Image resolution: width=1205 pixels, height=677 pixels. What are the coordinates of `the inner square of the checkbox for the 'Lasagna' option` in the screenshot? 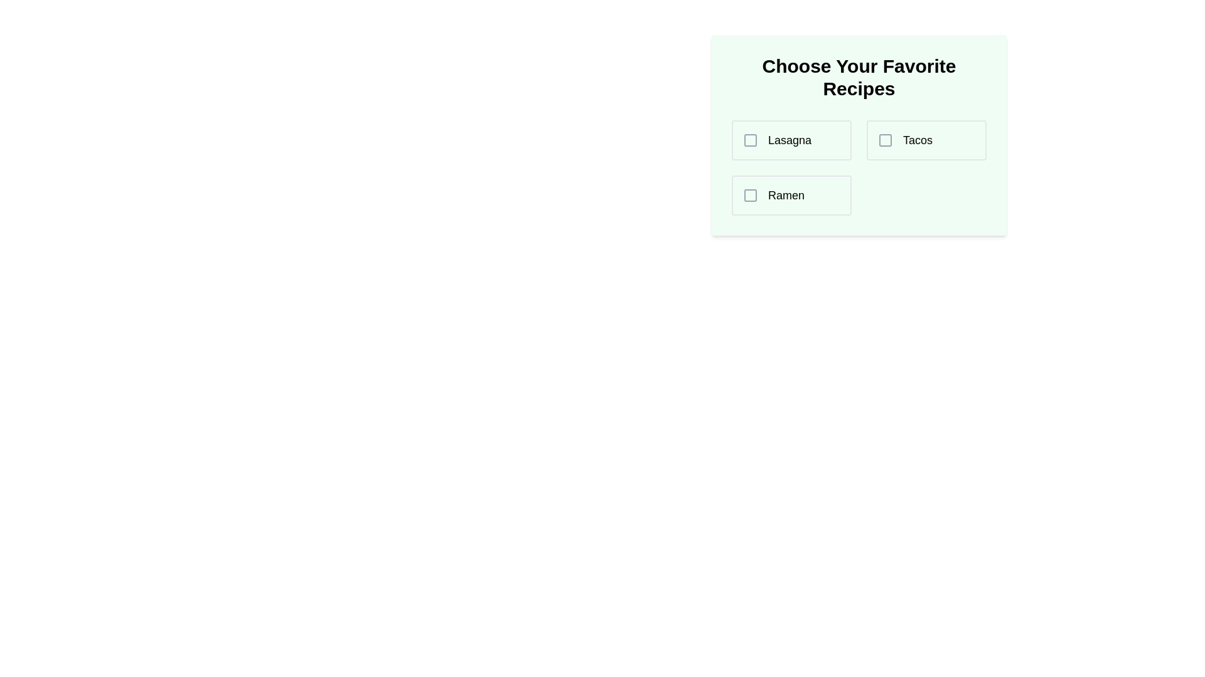 It's located at (750, 140).